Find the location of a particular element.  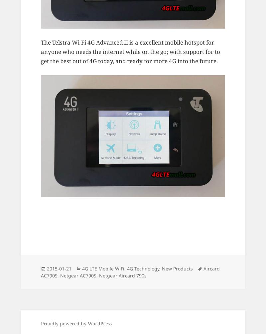

'Netgear AC790S' is located at coordinates (78, 275).